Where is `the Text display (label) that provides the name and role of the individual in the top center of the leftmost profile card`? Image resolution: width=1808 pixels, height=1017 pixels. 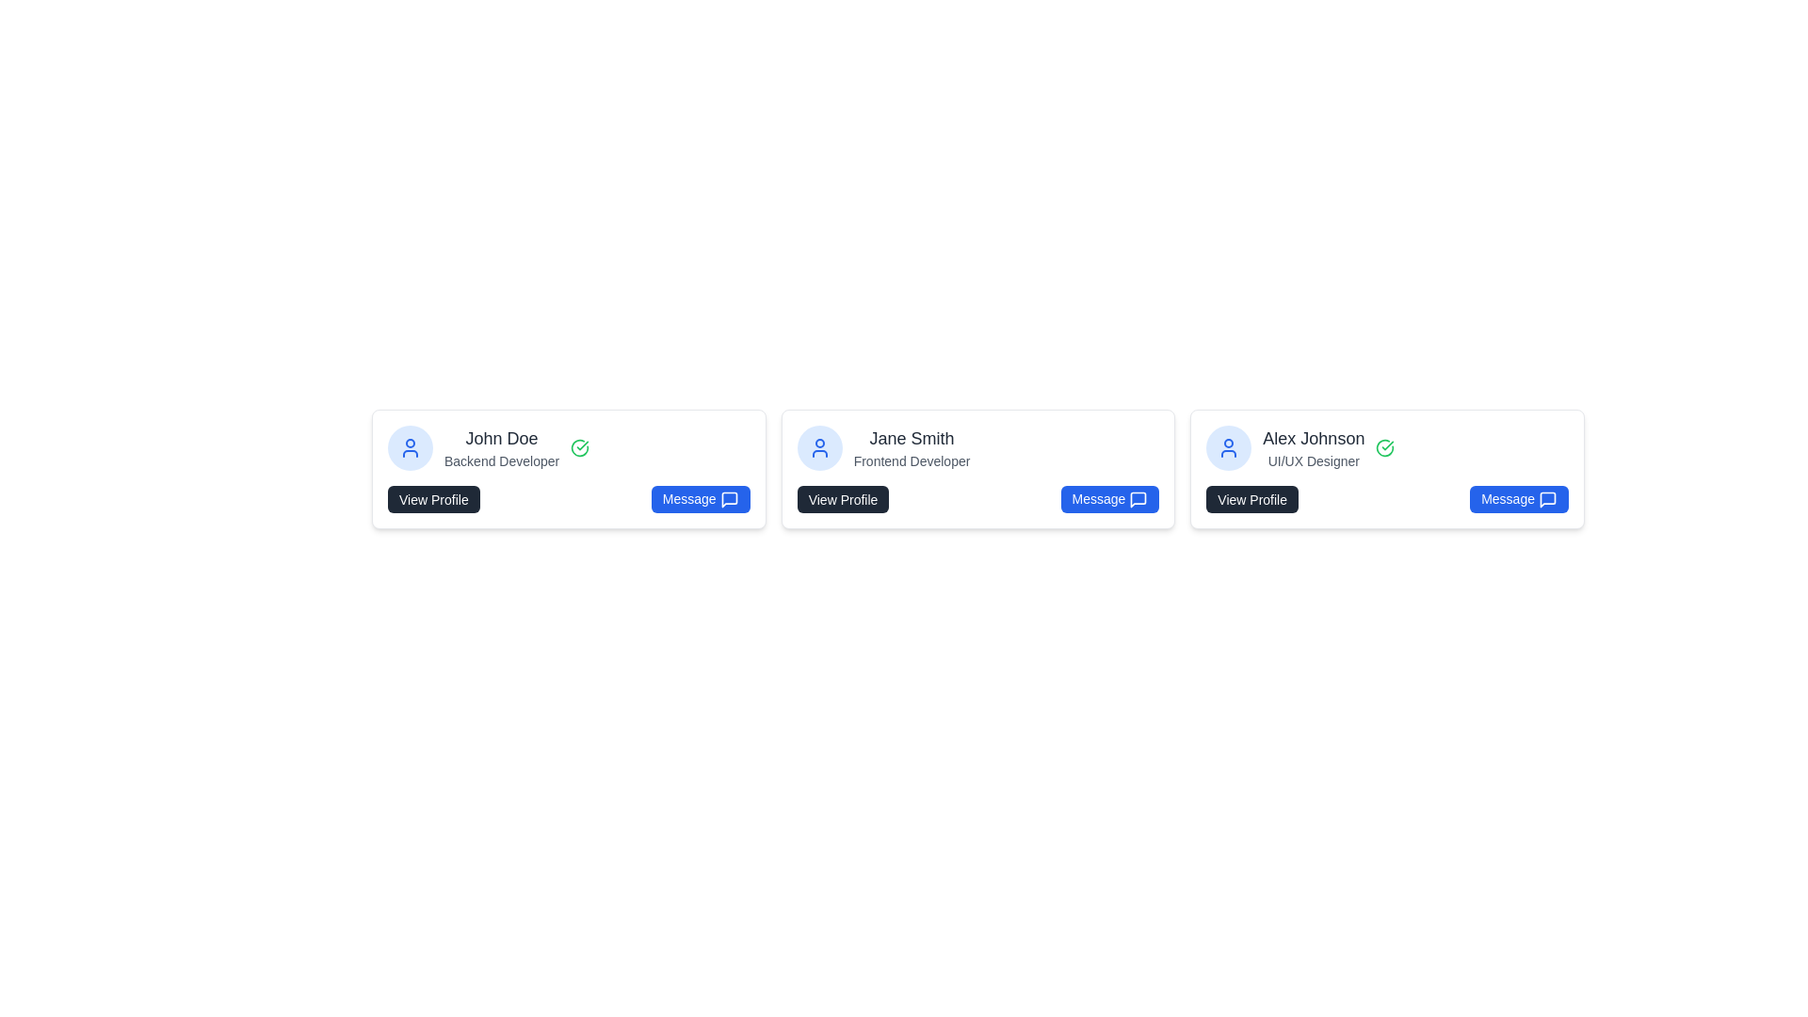 the Text display (label) that provides the name and role of the individual in the top center of the leftmost profile card is located at coordinates (502, 447).